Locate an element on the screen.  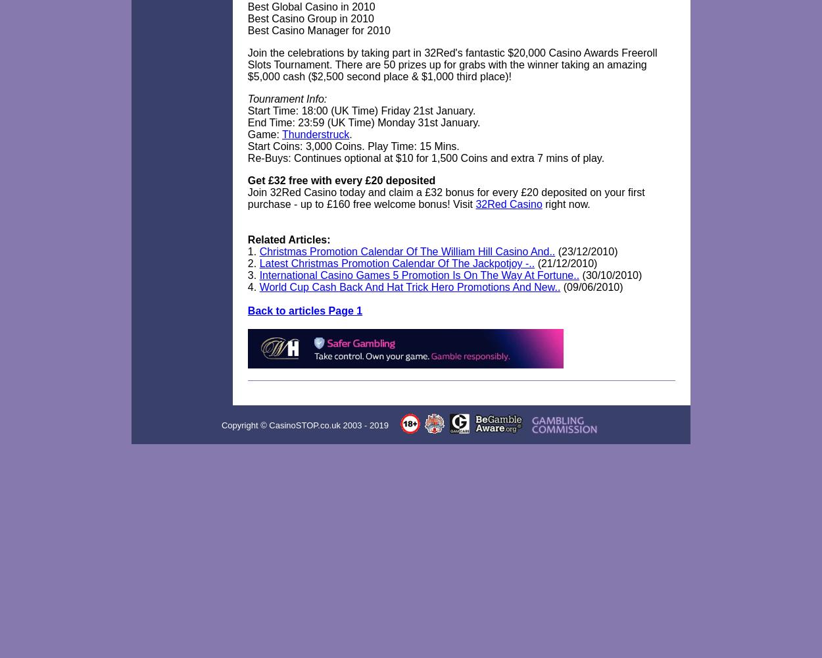
'World Cup Cash Back And Hat Trick Hero Promotions And New..' is located at coordinates (409, 287).